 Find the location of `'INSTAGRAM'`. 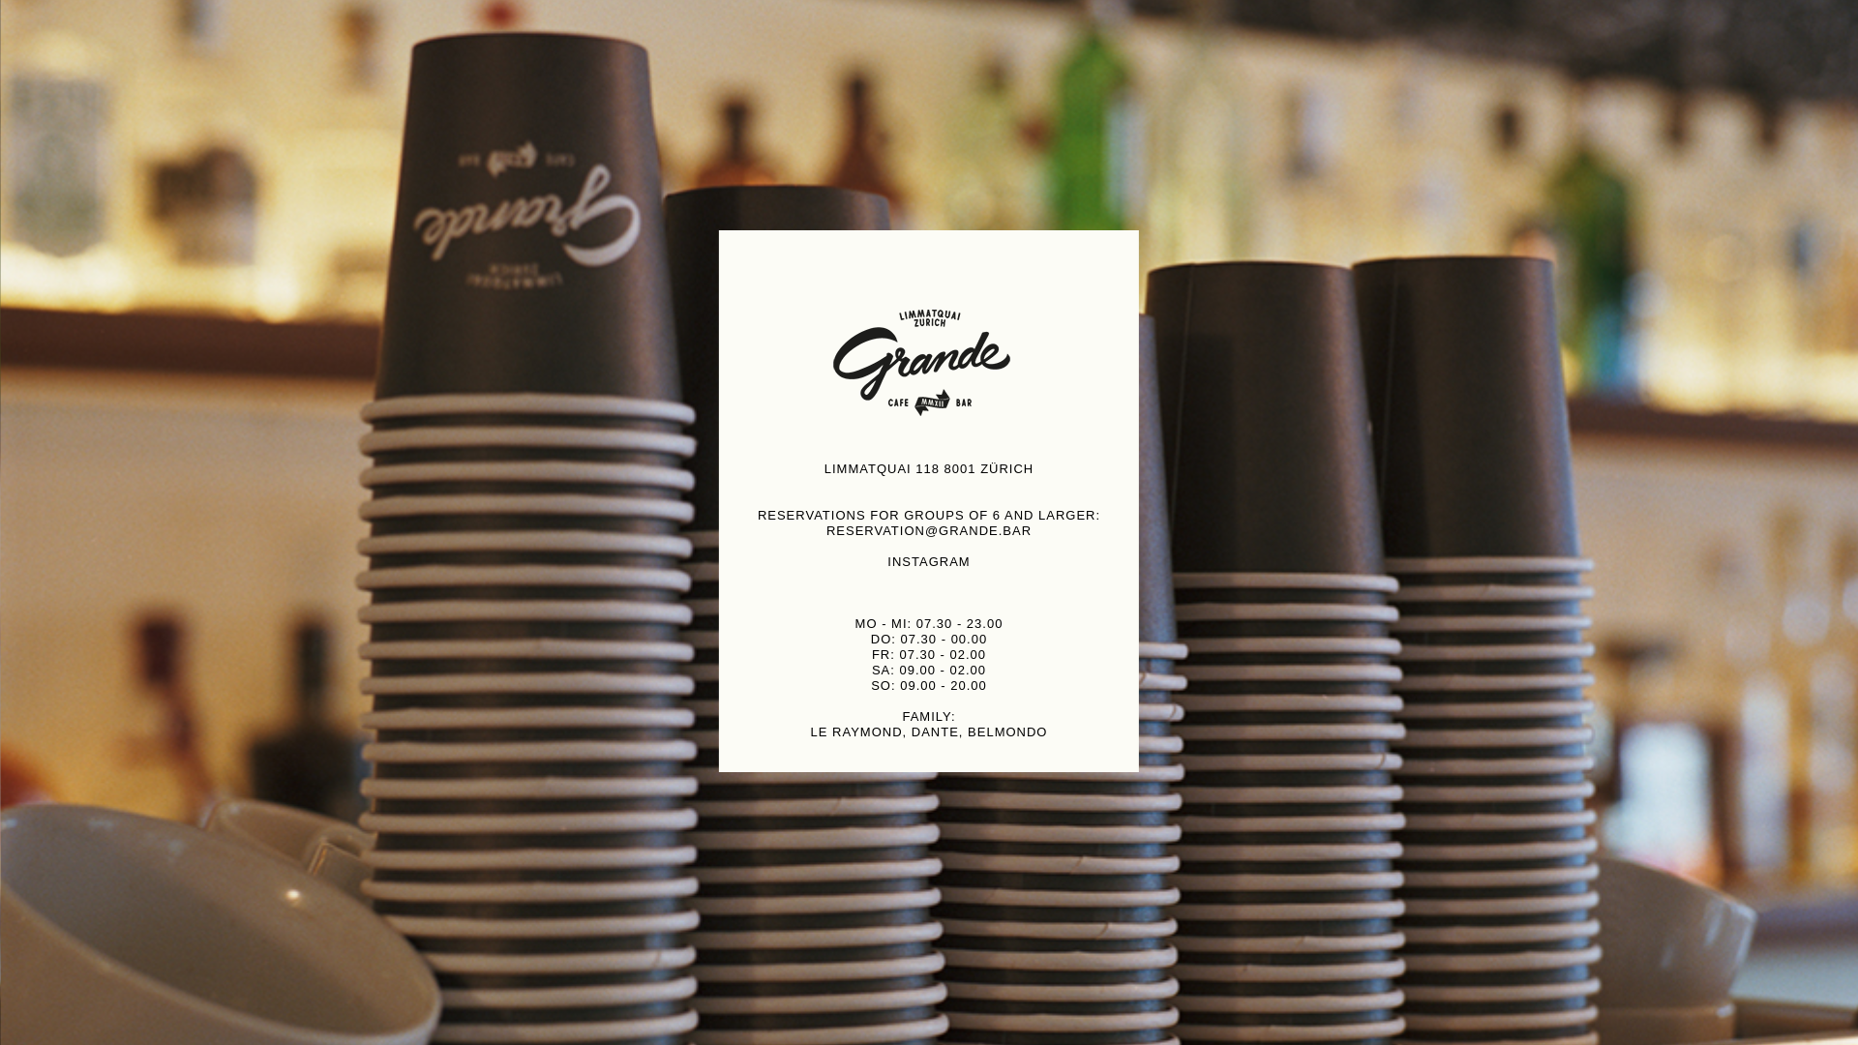

'INSTAGRAM' is located at coordinates (927, 561).